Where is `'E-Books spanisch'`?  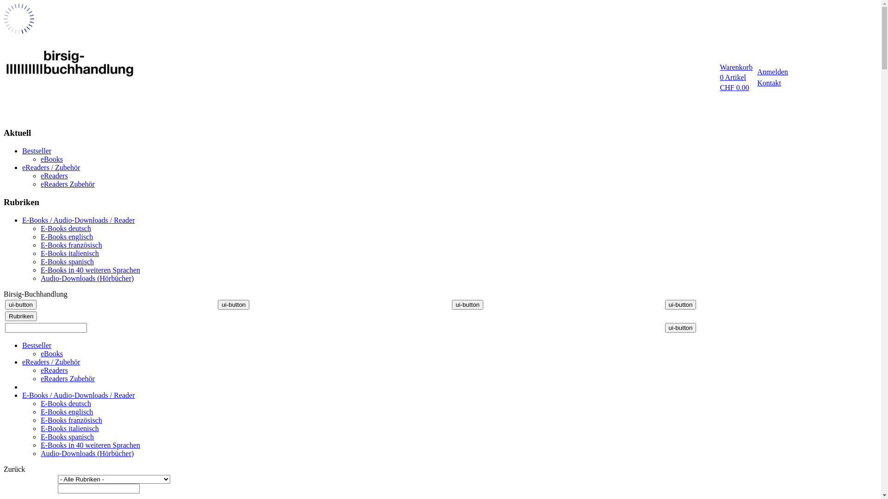
'E-Books spanisch' is located at coordinates (67, 437).